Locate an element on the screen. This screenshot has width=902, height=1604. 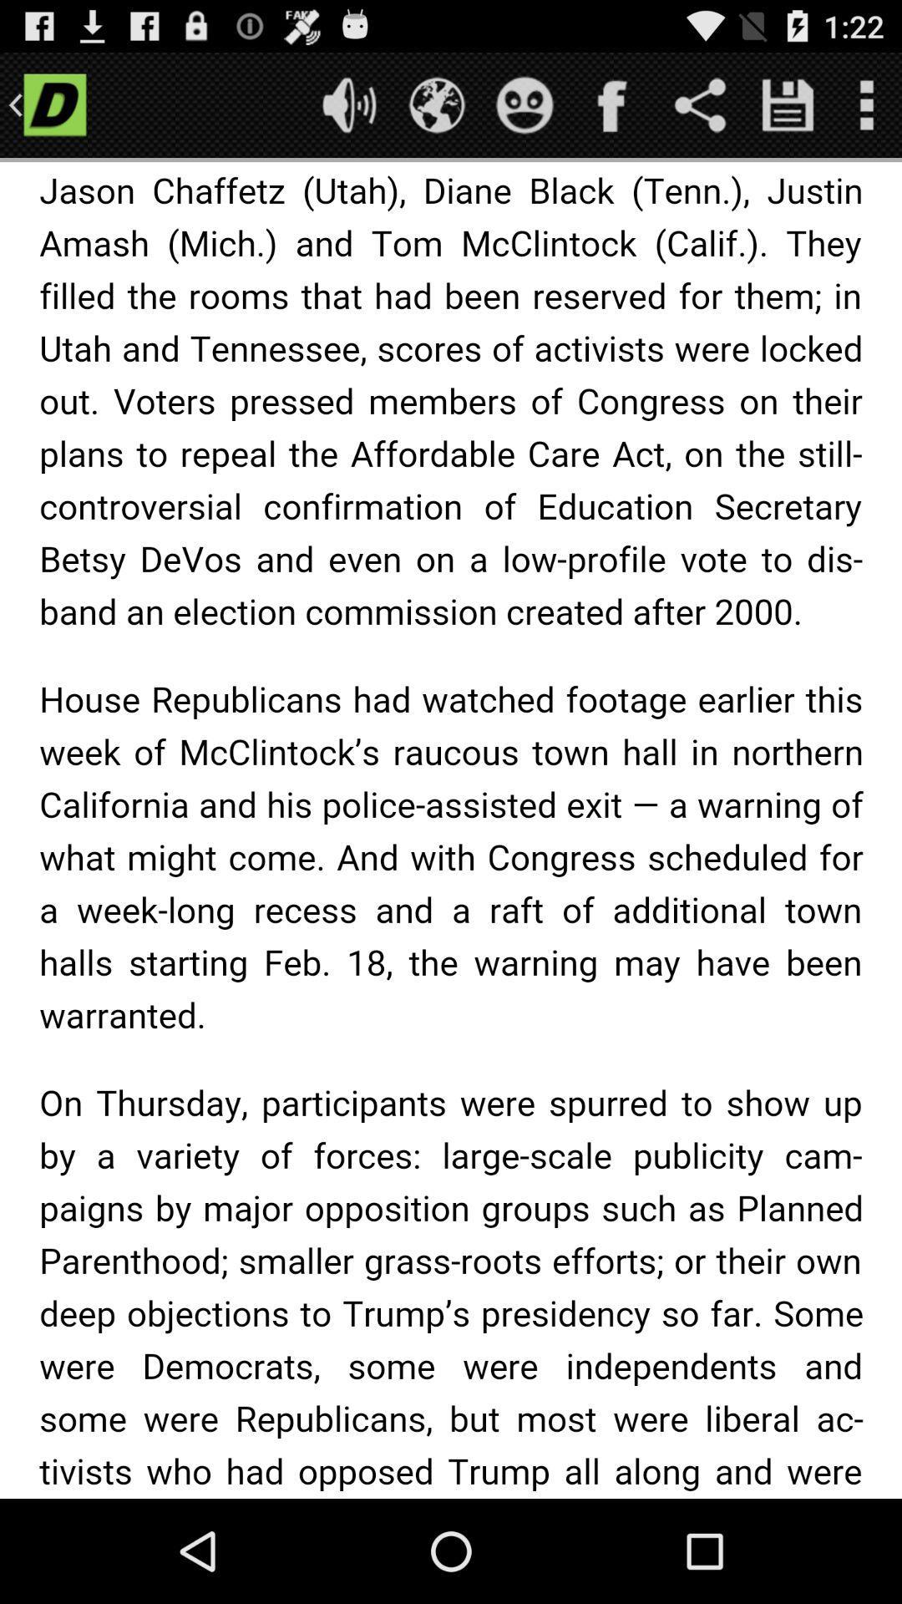
article is located at coordinates (451, 830).